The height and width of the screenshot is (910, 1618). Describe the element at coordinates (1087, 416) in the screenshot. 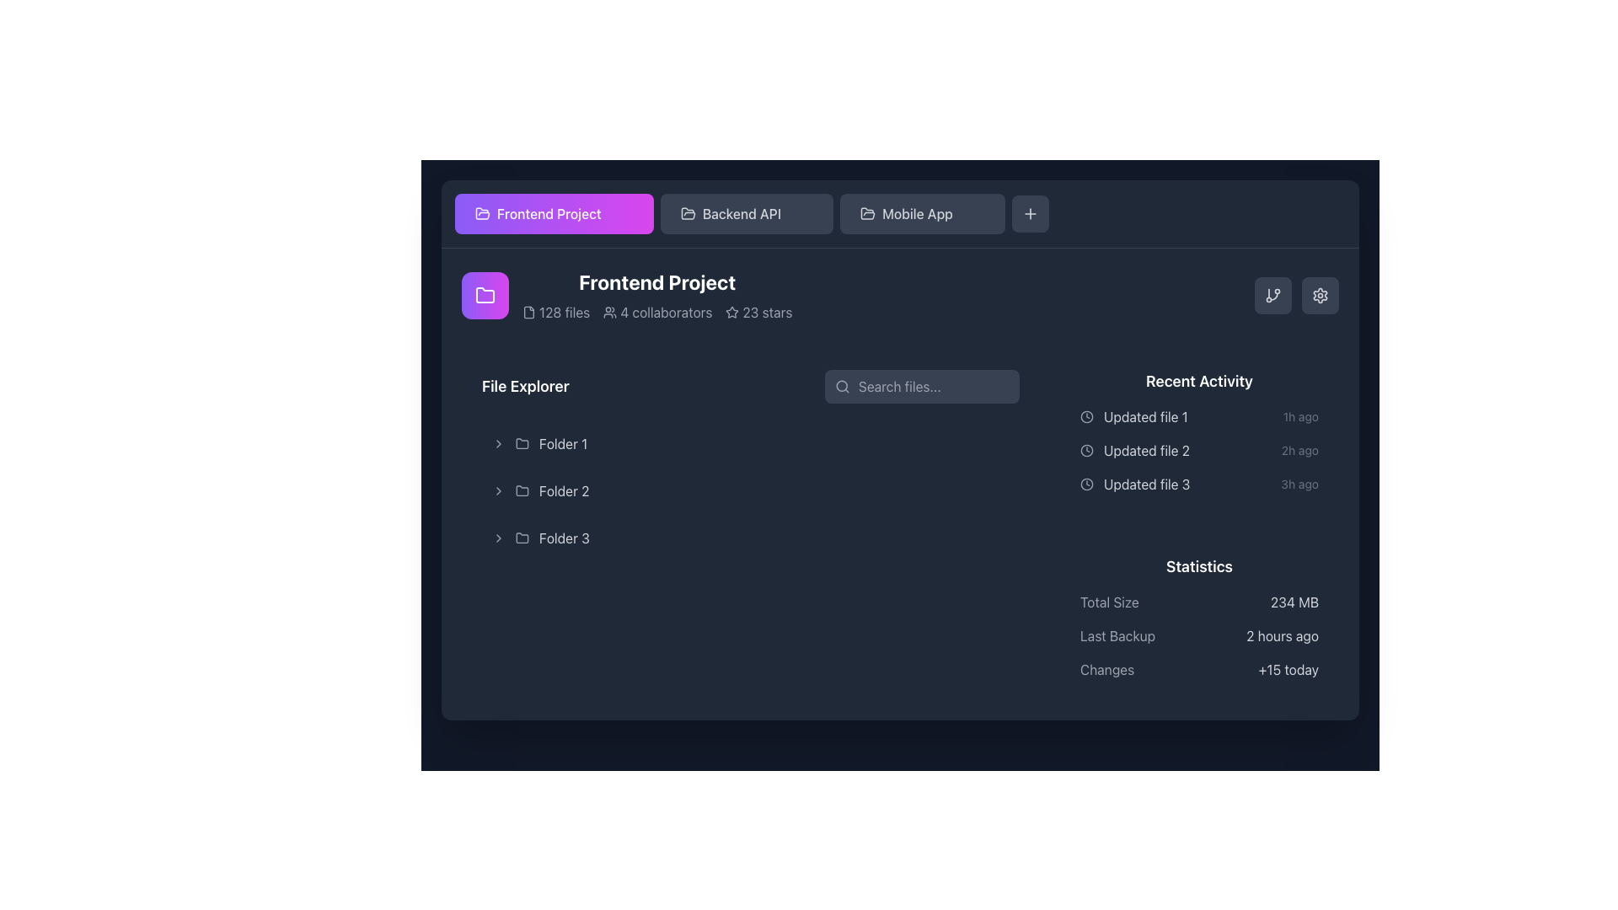

I see `the timestamp icon located to the left of the 'Updated file 1' text in the recent activity log` at that location.